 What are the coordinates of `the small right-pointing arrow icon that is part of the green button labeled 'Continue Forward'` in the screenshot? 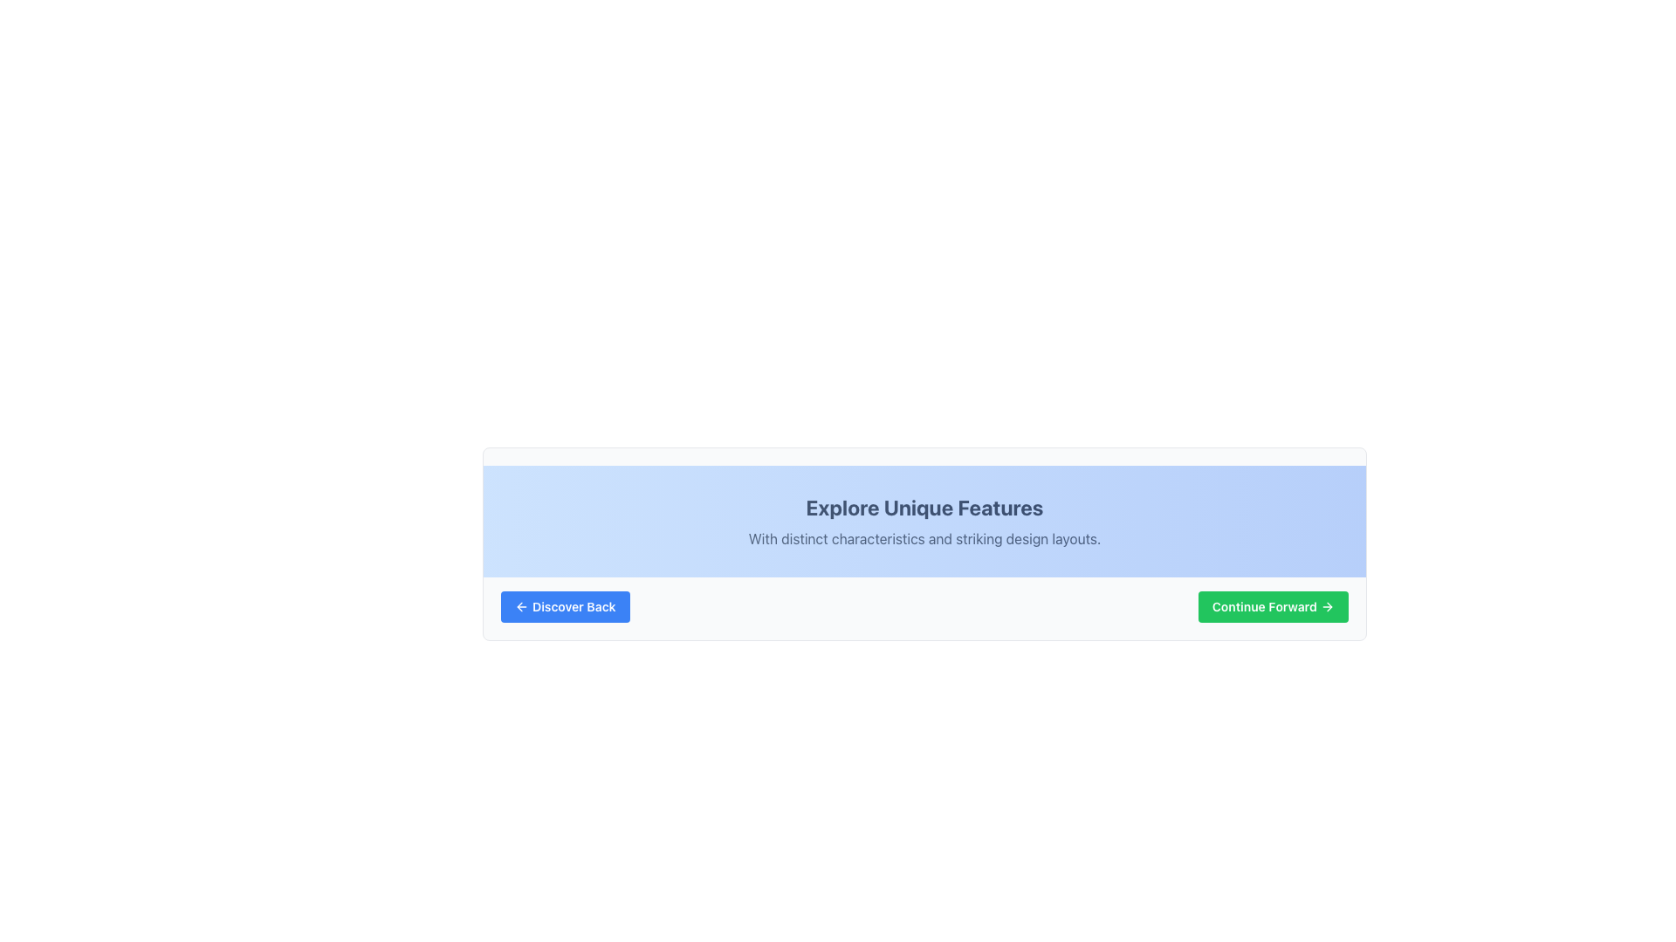 It's located at (1329, 605).